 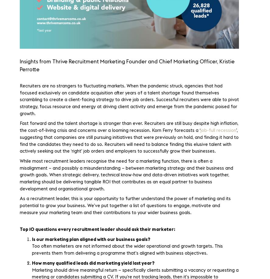 I want to click on 'As a recruitment leader, this is your opportunity to further understand the power of marketing and its potential to grow your business. We’ve put together a list of questions to engage, motivate and measure your marketing team and their contributions to your wider business goals.', so click(x=125, y=205).